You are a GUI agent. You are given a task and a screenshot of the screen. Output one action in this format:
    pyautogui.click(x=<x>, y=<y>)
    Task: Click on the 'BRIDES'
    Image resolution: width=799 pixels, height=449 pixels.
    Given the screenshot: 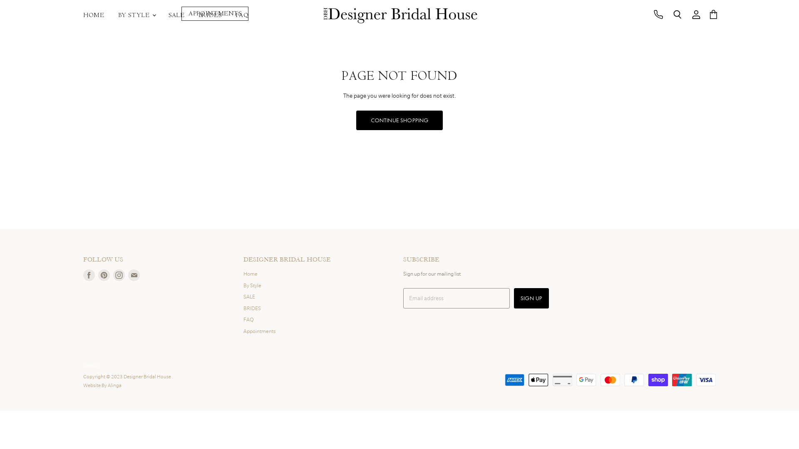 What is the action you would take?
    pyautogui.click(x=243, y=308)
    